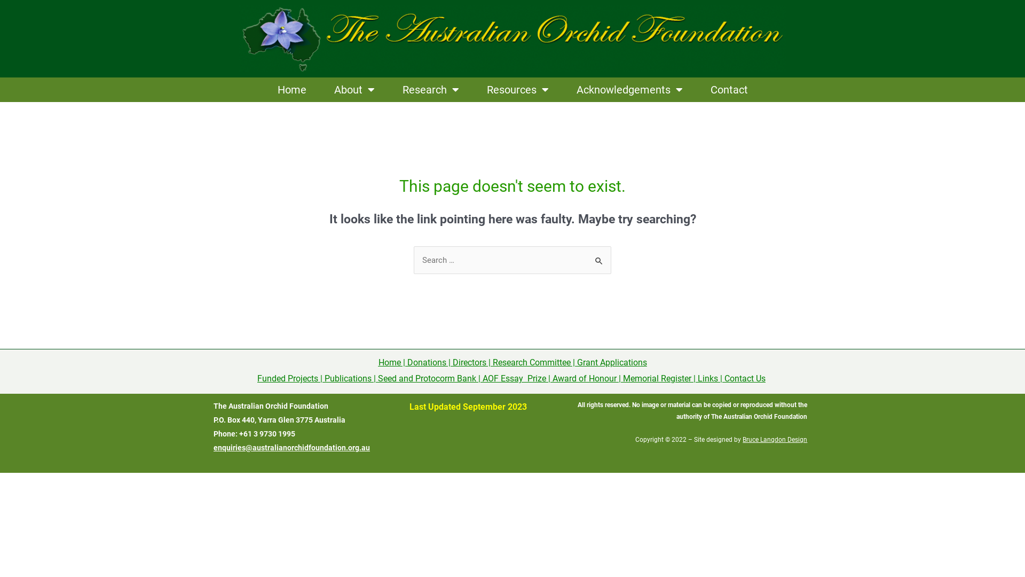 The image size is (1025, 577). What do you see at coordinates (744, 378) in the screenshot?
I see `'Contact Us'` at bounding box center [744, 378].